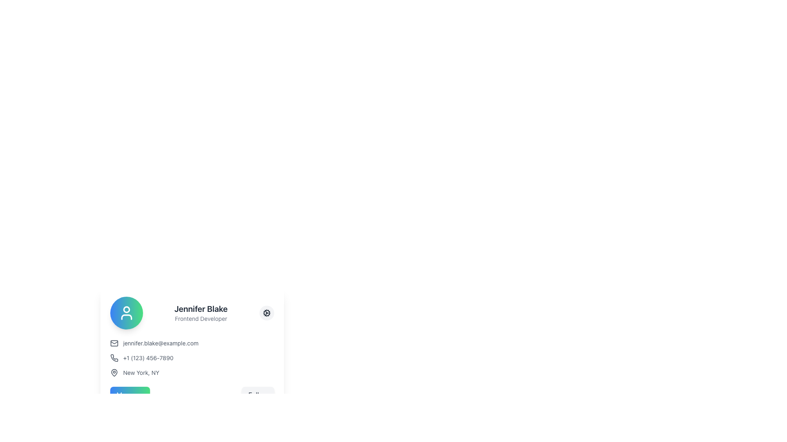 The height and width of the screenshot is (442, 787). Describe the element at coordinates (114, 343) in the screenshot. I see `the upper part of the email icon that visually supports the email address in the contact details section` at that location.